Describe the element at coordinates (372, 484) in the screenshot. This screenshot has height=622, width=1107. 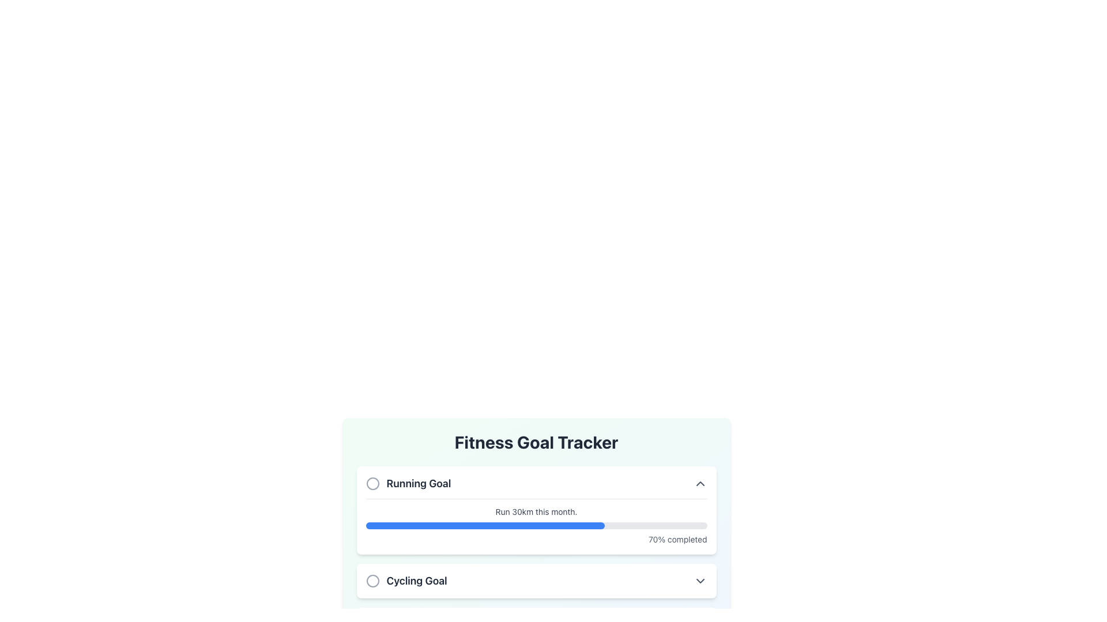
I see `the hollow circular gray icon indicating a non-selected state` at that location.